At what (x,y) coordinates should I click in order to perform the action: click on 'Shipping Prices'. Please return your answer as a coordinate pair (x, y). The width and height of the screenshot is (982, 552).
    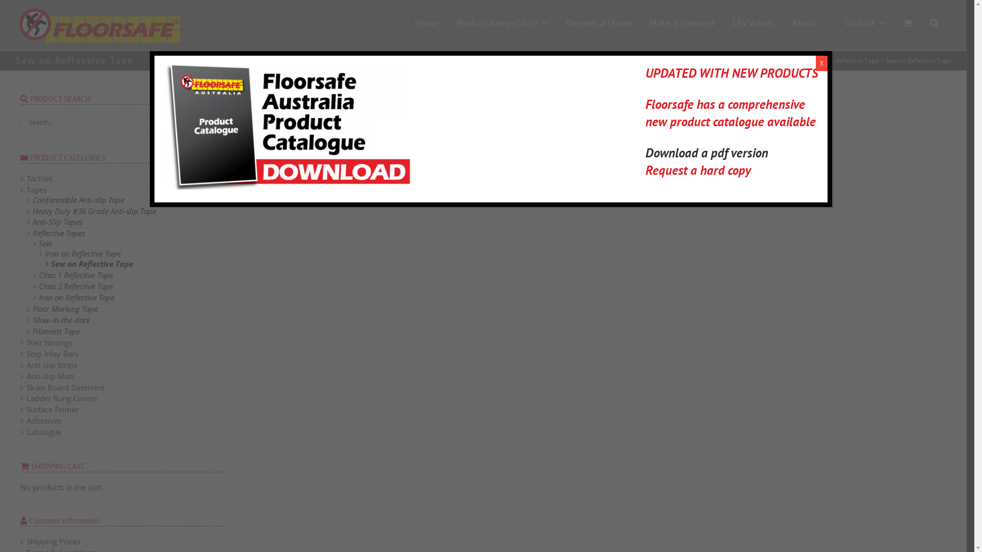
    Looking at the image, I should click on (53, 541).